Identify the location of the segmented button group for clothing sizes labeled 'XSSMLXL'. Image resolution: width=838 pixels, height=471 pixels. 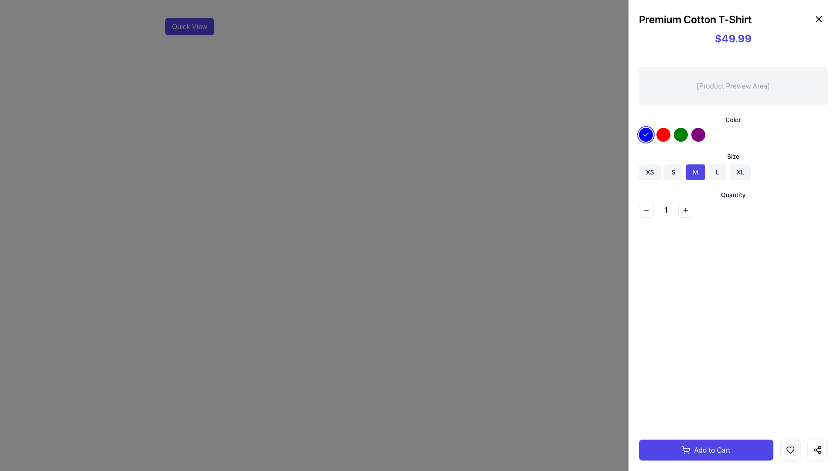
(733, 172).